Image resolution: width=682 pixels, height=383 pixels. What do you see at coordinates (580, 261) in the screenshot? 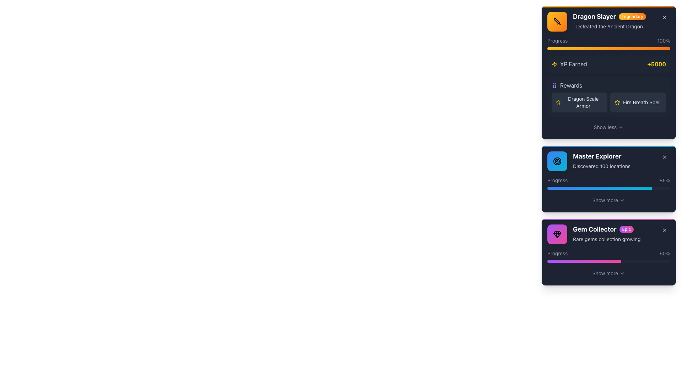
I see `the progress value` at bounding box center [580, 261].